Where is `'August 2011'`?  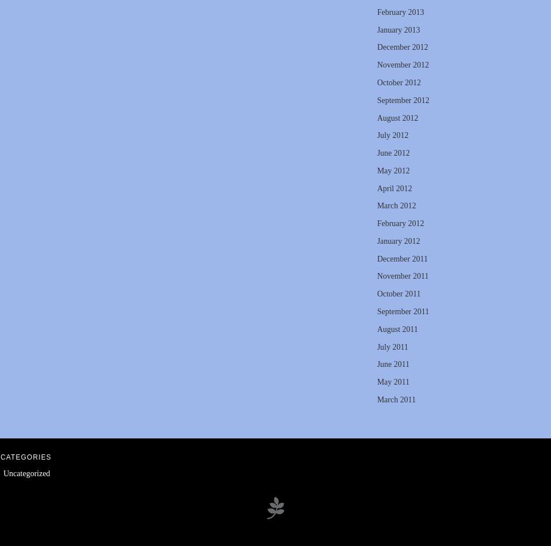
'August 2011' is located at coordinates (396, 328).